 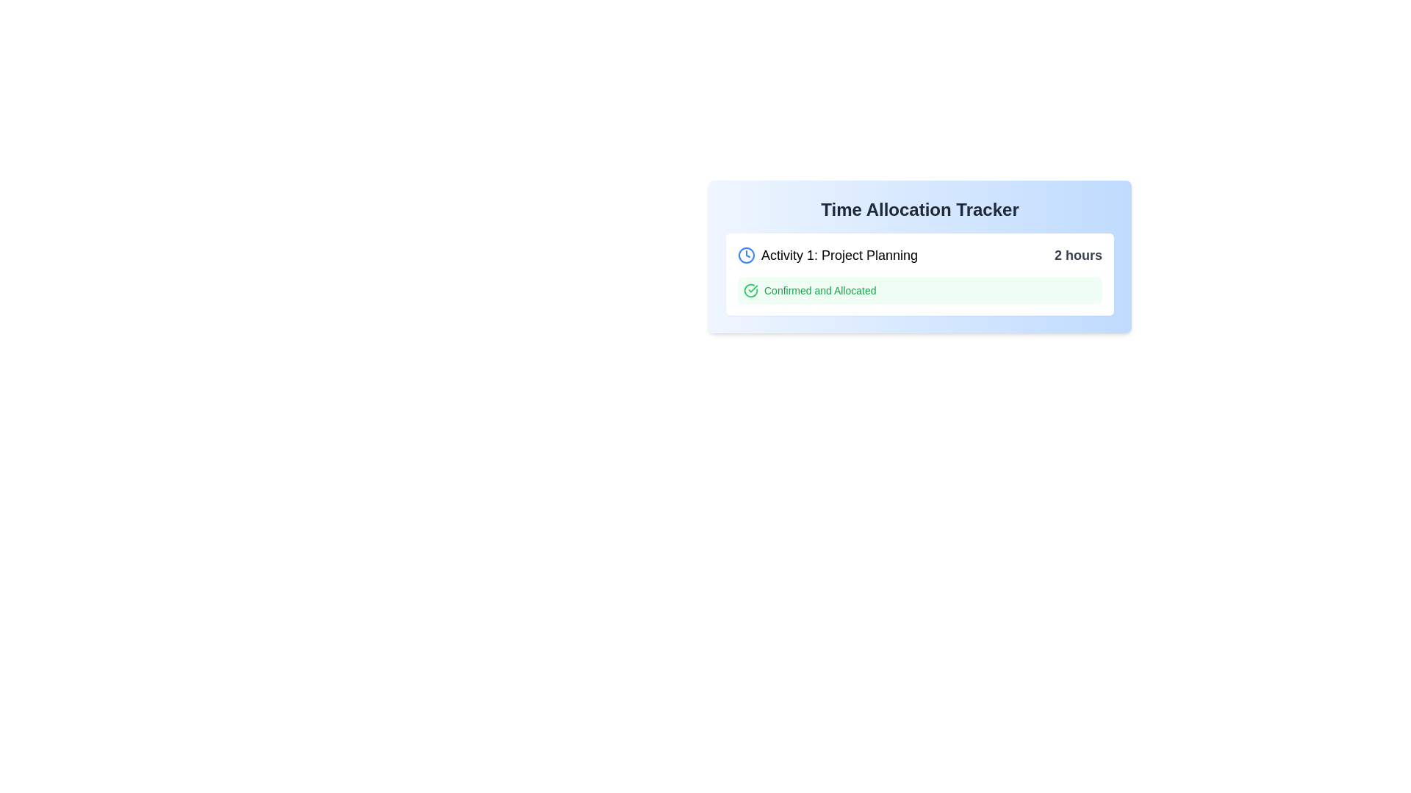 I want to click on the circular outline of the clock icon, which is a structural part of the SVG graphic, located to the left of the text 'Activity 1: Project Planning', so click(x=747, y=254).